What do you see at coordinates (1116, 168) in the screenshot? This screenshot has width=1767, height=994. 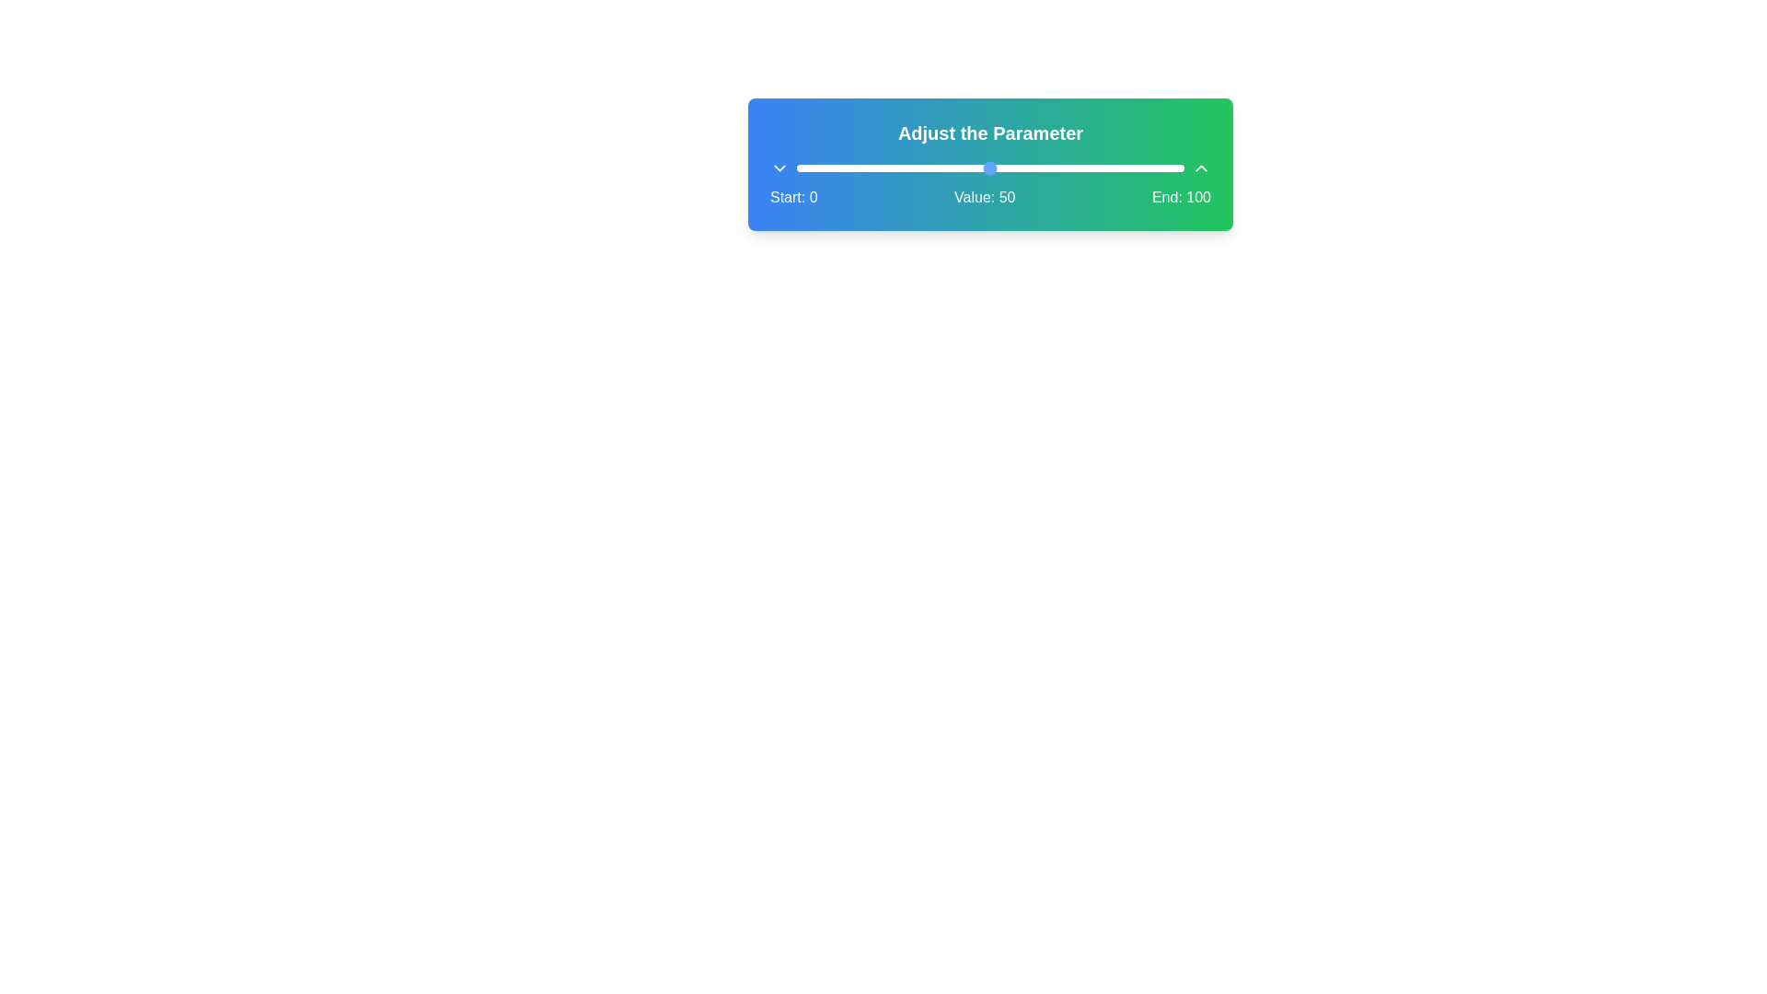 I see `the slider value` at bounding box center [1116, 168].